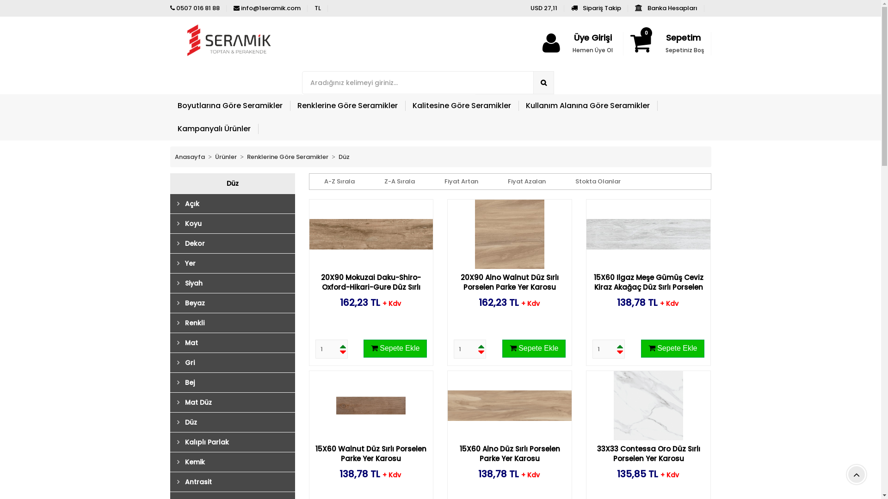 The height and width of the screenshot is (499, 888). What do you see at coordinates (239, 481) in the screenshot?
I see `'Antrasit'` at bounding box center [239, 481].